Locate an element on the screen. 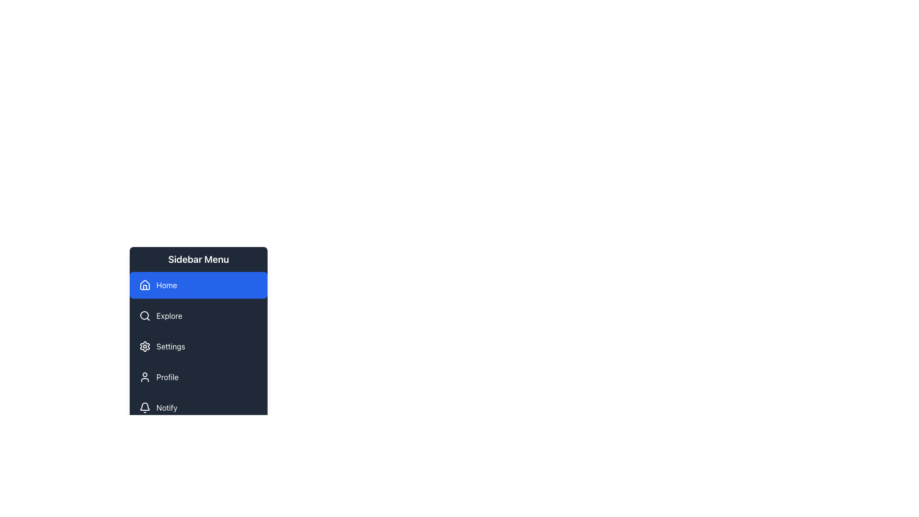  the user profile icon, which is a circular head and shoulders silhouette in white on a dark background, located is located at coordinates (144, 376).